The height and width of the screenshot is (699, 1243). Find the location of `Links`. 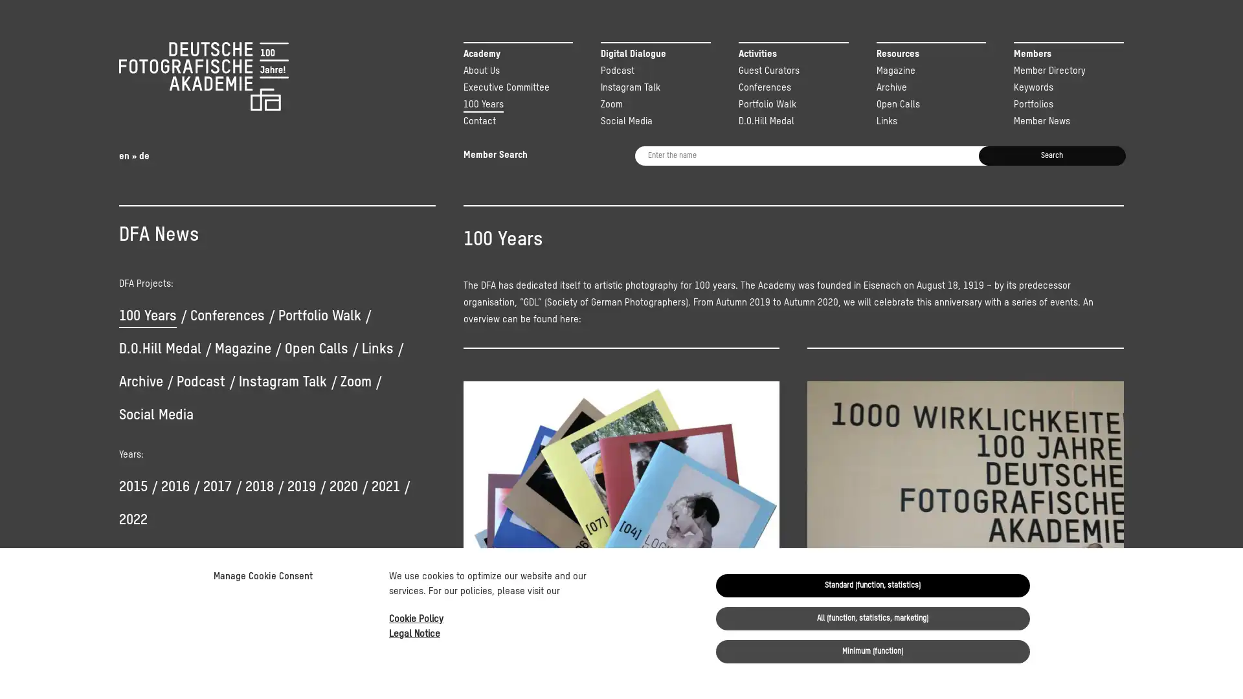

Links is located at coordinates (377, 349).